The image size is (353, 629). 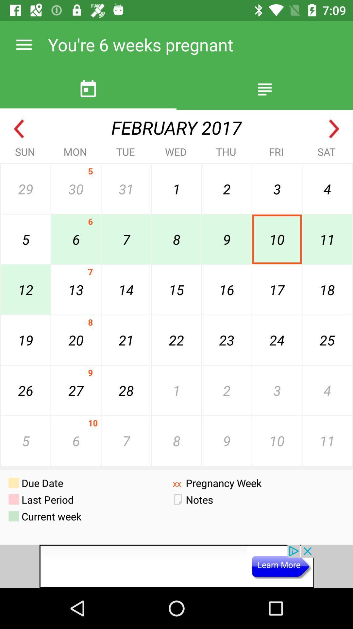 I want to click on screen page, so click(x=176, y=566).